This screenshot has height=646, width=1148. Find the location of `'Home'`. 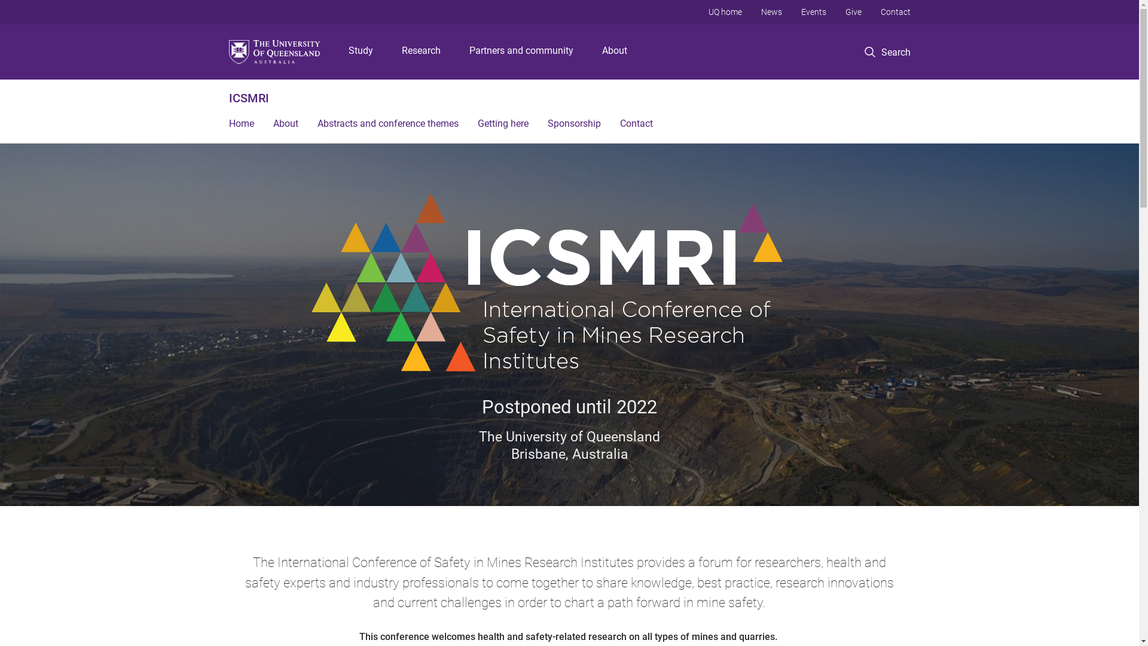

'Home' is located at coordinates (240, 124).